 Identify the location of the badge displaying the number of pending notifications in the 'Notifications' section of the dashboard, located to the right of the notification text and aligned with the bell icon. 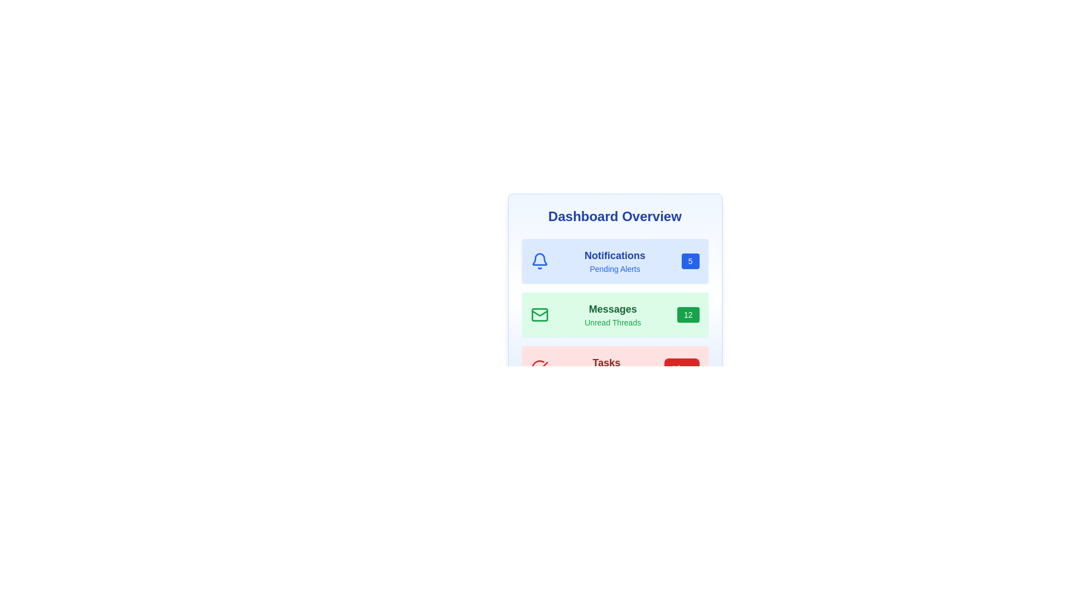
(690, 261).